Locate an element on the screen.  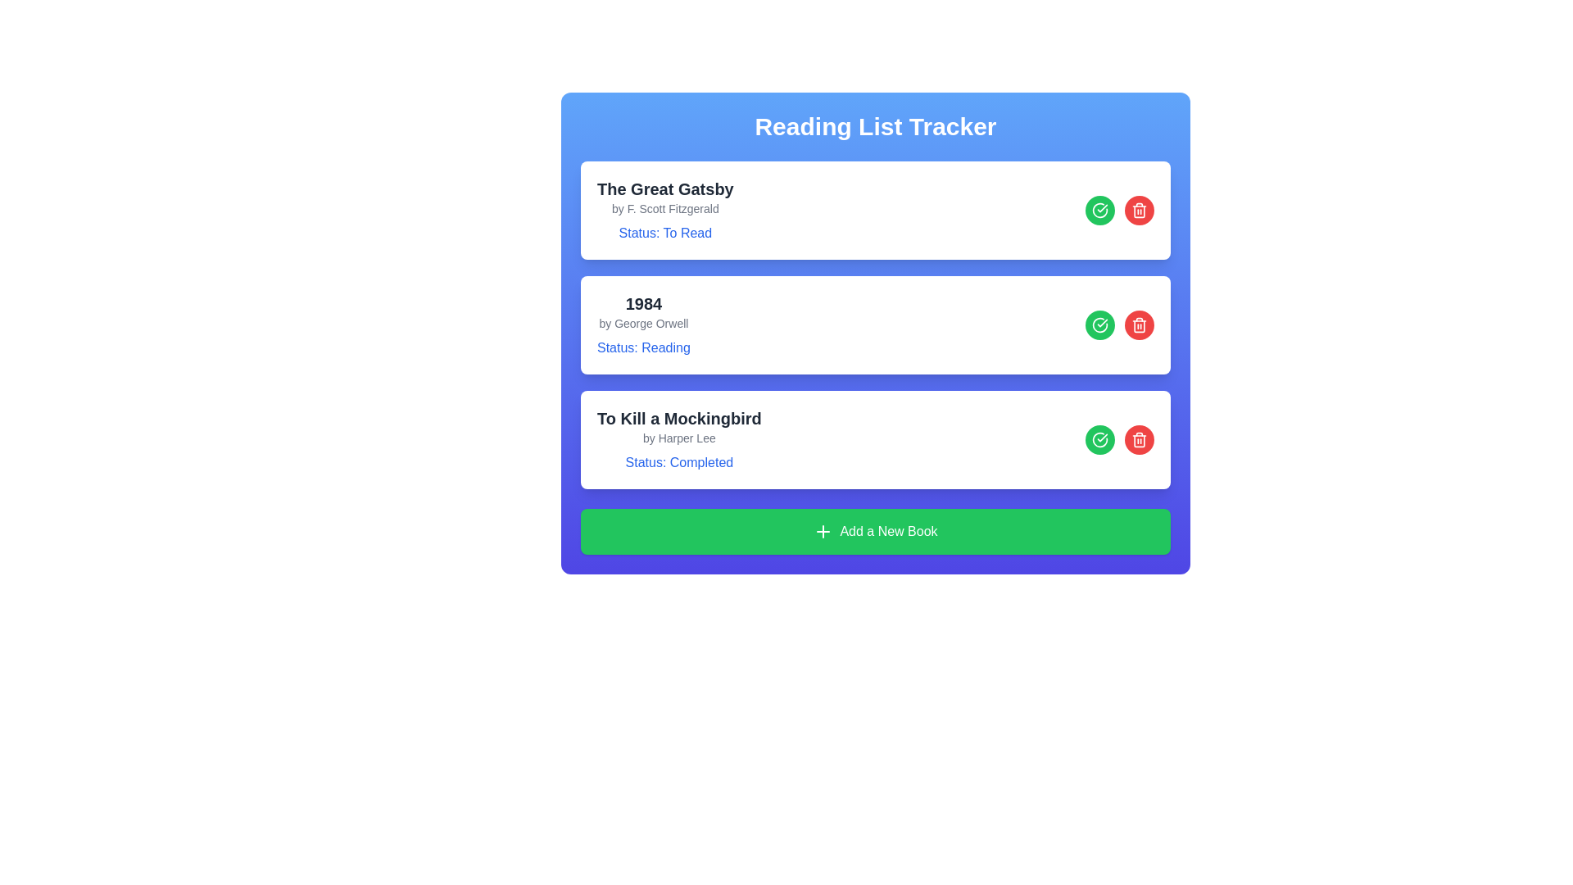
the composite interactive UI element containing the green button for marking the book as read and the red button for deleting the book entry, which is located in the right section of the card for 'The Great Gatsby' is located at coordinates (1119, 210).